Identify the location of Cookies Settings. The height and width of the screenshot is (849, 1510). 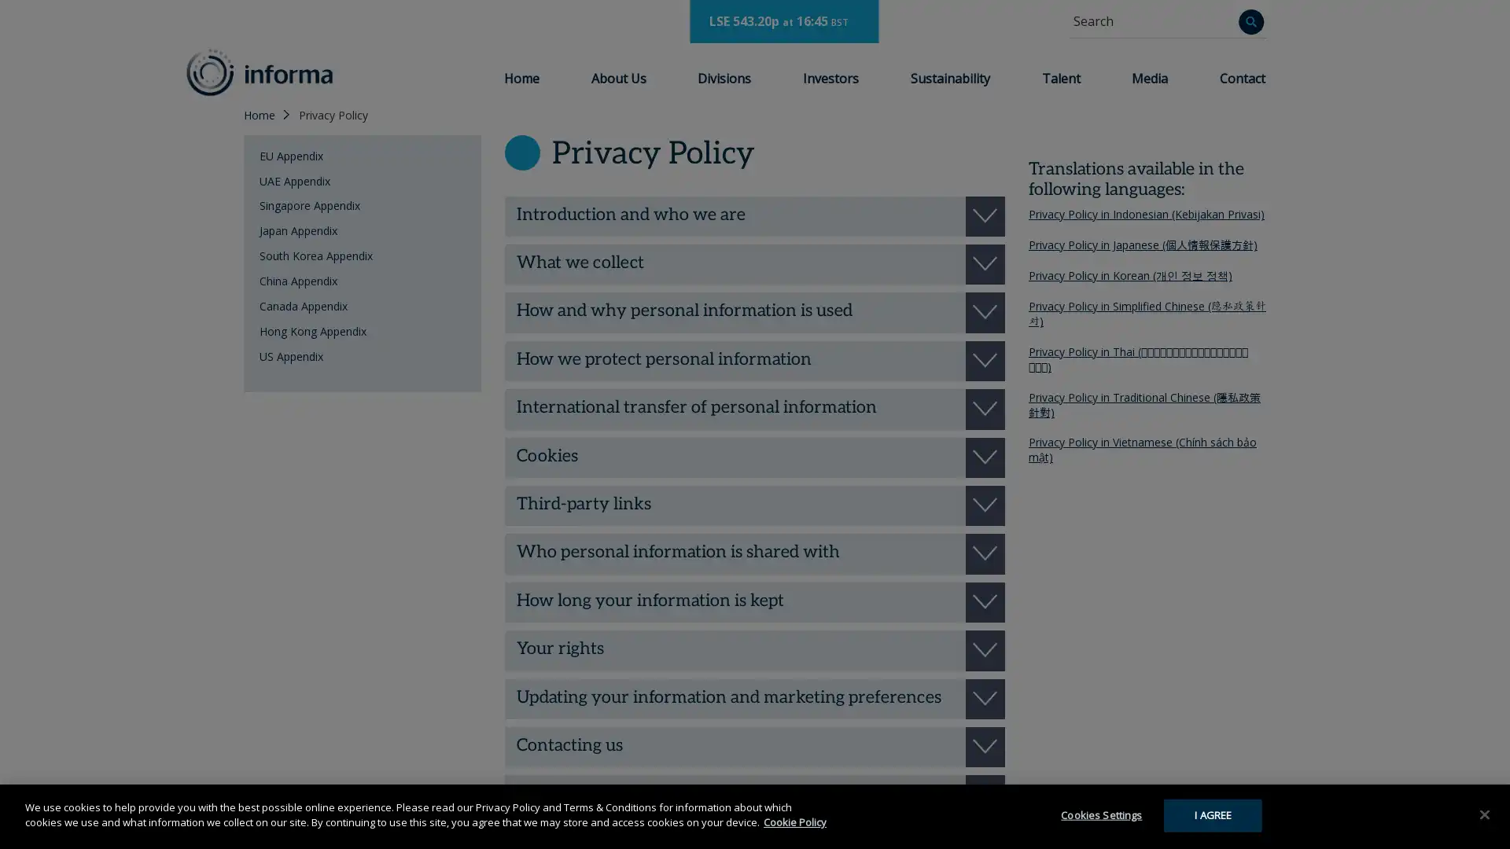
(1100, 814).